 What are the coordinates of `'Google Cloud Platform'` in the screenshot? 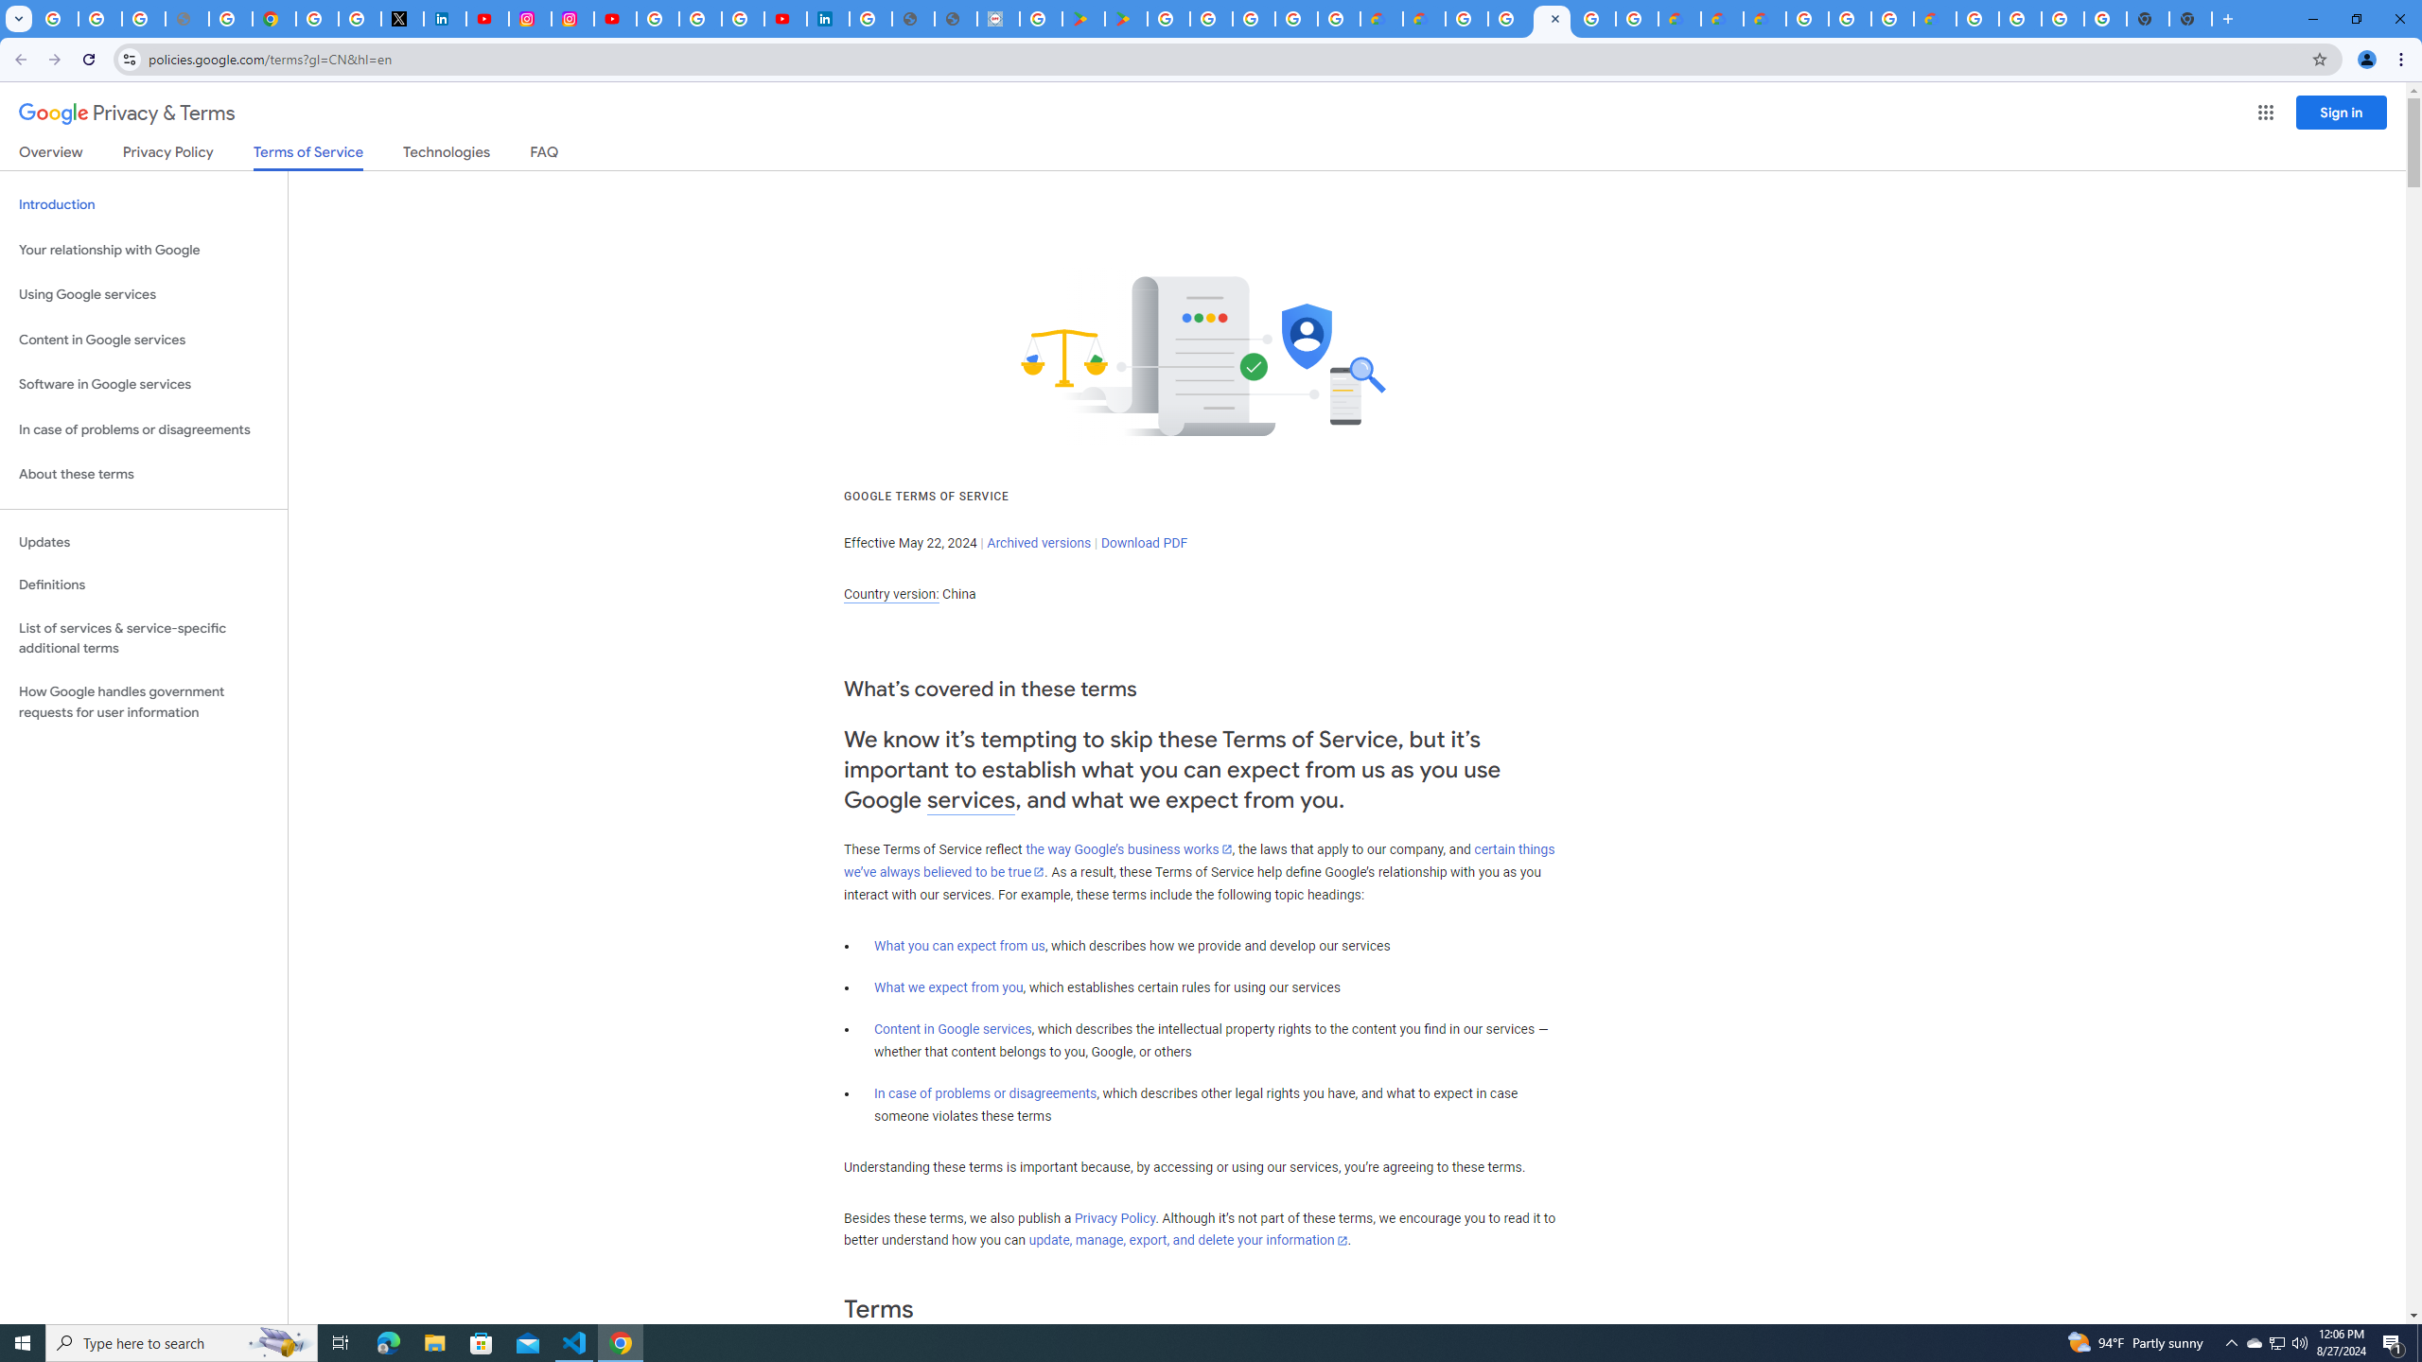 It's located at (1977, 18).